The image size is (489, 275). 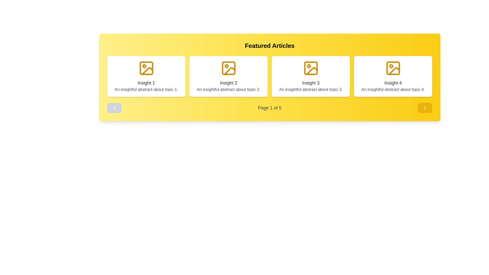 I want to click on attributes of the Decorative SVG circle located in the top-right area of the fourth item under the 'Featured Articles' section, so click(x=391, y=66).